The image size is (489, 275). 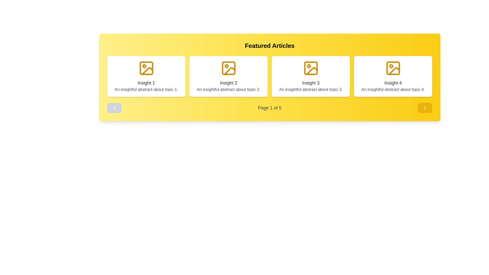 I want to click on attributes of the Decorative SVG circle located in the top-right area of the fourth item under the 'Featured Articles' section, so click(x=391, y=66).